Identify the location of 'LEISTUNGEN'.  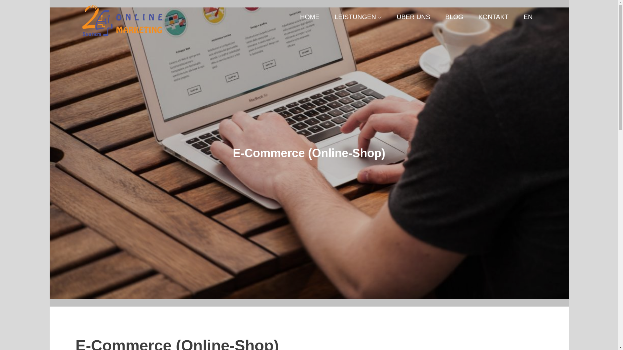
(358, 17).